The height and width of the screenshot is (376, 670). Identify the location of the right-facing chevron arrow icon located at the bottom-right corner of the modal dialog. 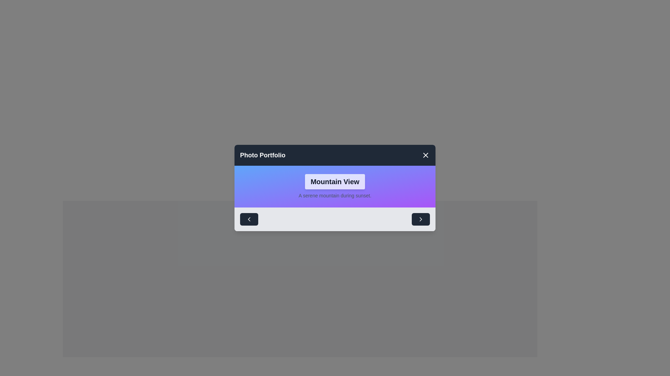
(420, 219).